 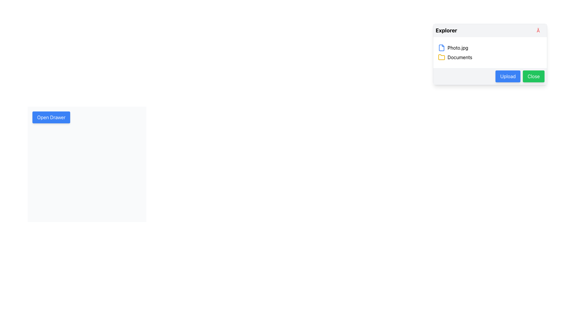 What do you see at coordinates (441, 57) in the screenshot?
I see `the Documents folder icon, which is the leftmost of three components in a horizontal layout, located immediately to the left of the 'Documents' label` at bounding box center [441, 57].